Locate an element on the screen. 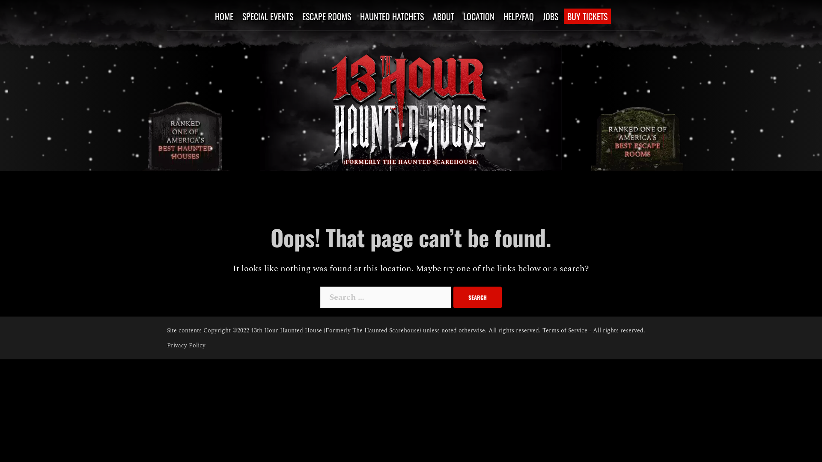  'HOME' is located at coordinates (224, 16).